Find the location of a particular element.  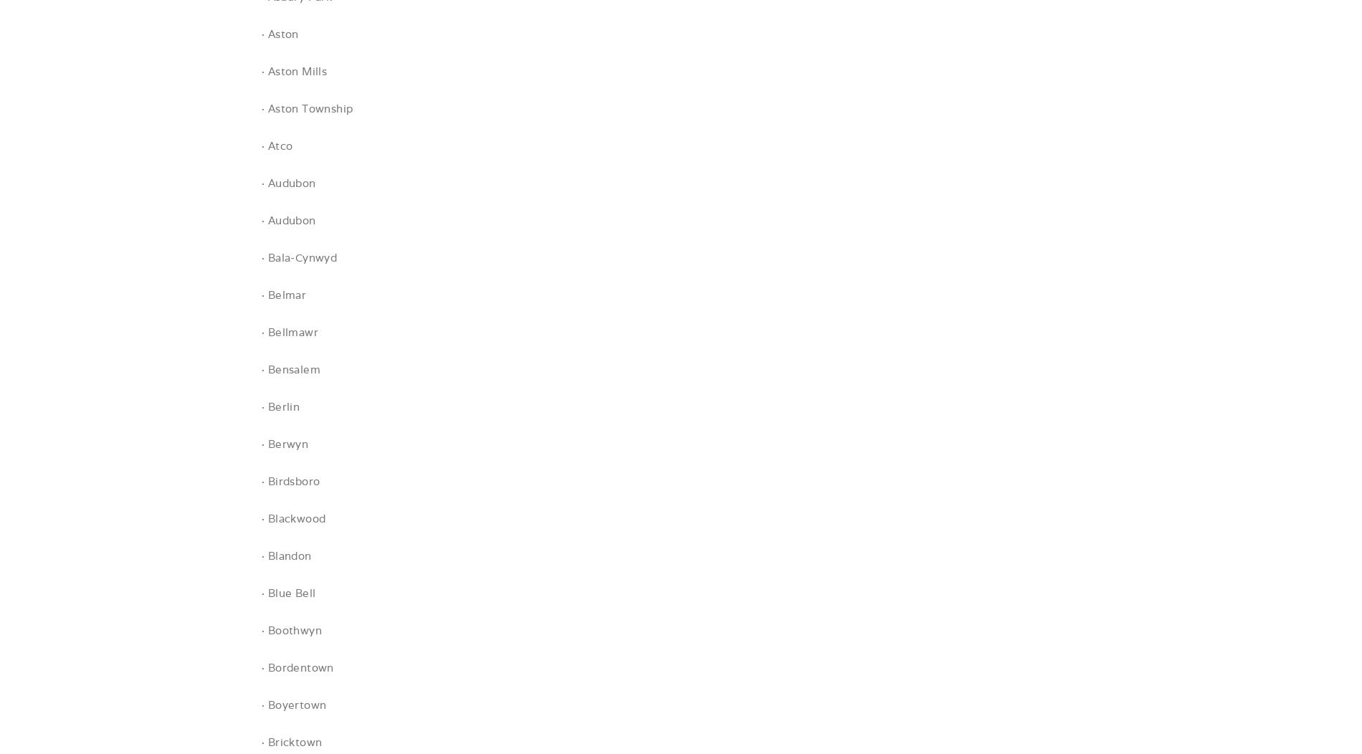

'· Aston Mills' is located at coordinates (293, 71).